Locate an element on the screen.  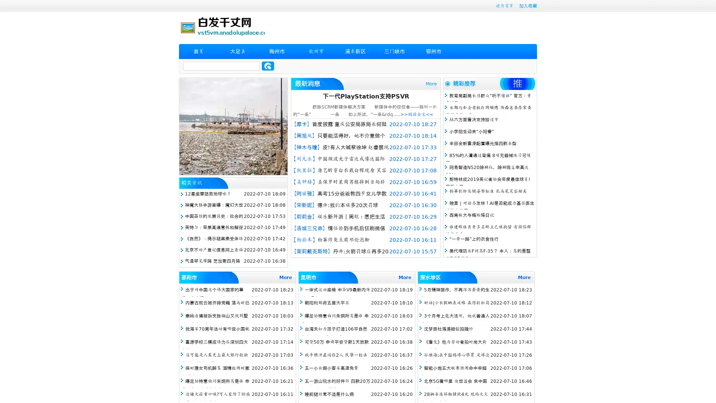
Search is located at coordinates (268, 66).